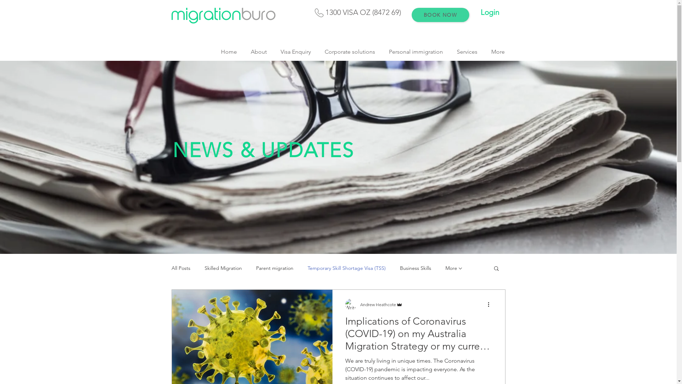  Describe the element at coordinates (489, 12) in the screenshot. I see `'Login'` at that location.